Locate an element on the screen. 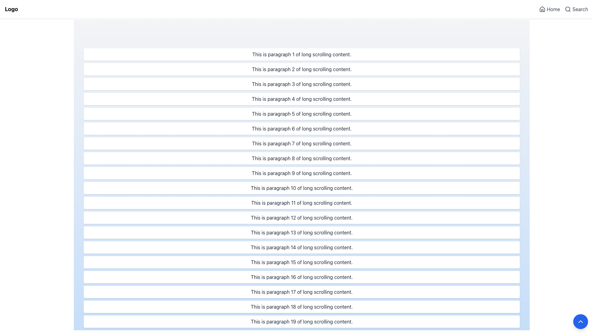 This screenshot has height=334, width=593. the fifth visible static text block in the vertically stacked list that displays a textual paragraph is located at coordinates (302, 113).